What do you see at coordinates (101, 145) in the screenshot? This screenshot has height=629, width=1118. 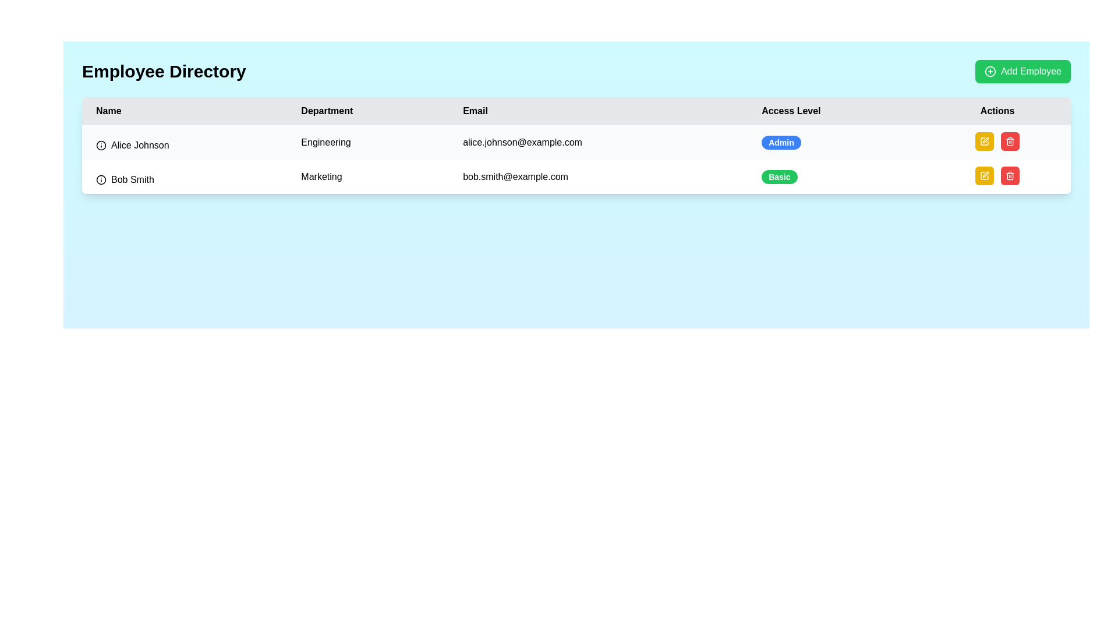 I see `the text 'Alice Johnson' located in the first row of the table under the 'Name' column, ignoring the icon to the immediate left` at bounding box center [101, 145].